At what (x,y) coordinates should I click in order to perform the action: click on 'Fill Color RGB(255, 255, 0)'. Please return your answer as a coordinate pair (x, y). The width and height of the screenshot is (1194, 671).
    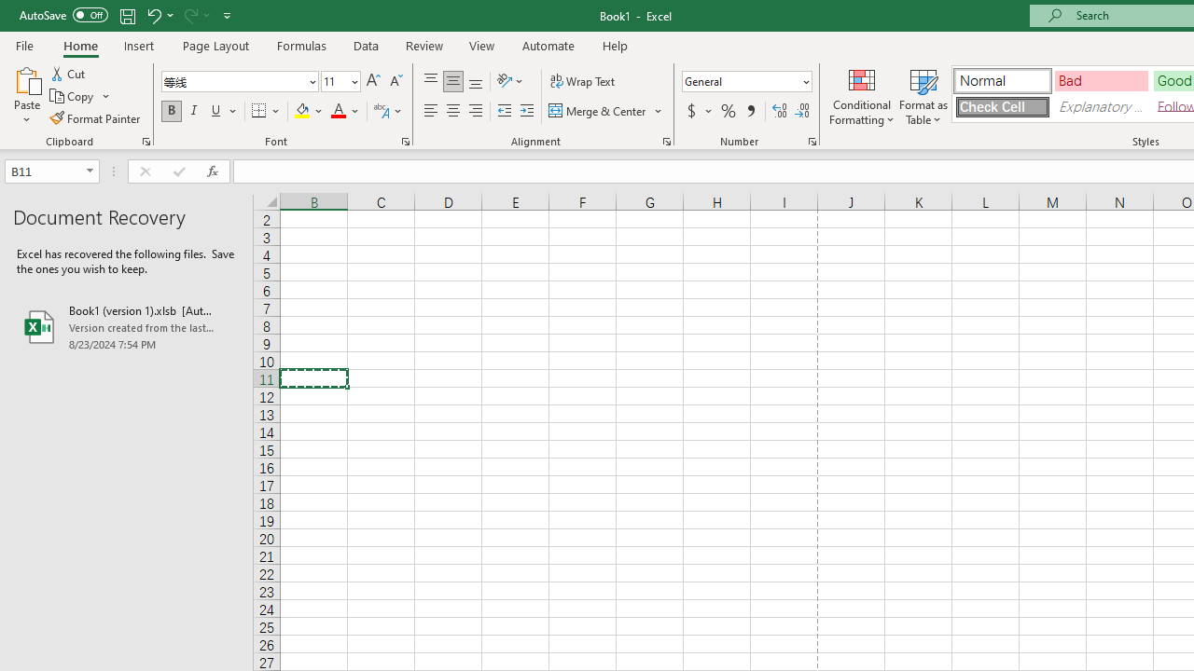
    Looking at the image, I should click on (302, 111).